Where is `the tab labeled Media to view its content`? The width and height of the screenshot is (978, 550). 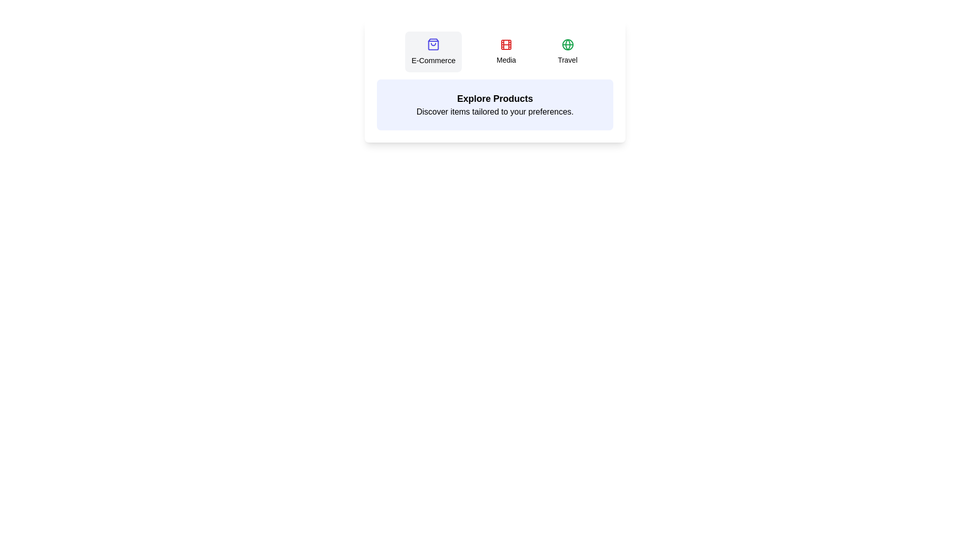
the tab labeled Media to view its content is located at coordinates (506, 51).